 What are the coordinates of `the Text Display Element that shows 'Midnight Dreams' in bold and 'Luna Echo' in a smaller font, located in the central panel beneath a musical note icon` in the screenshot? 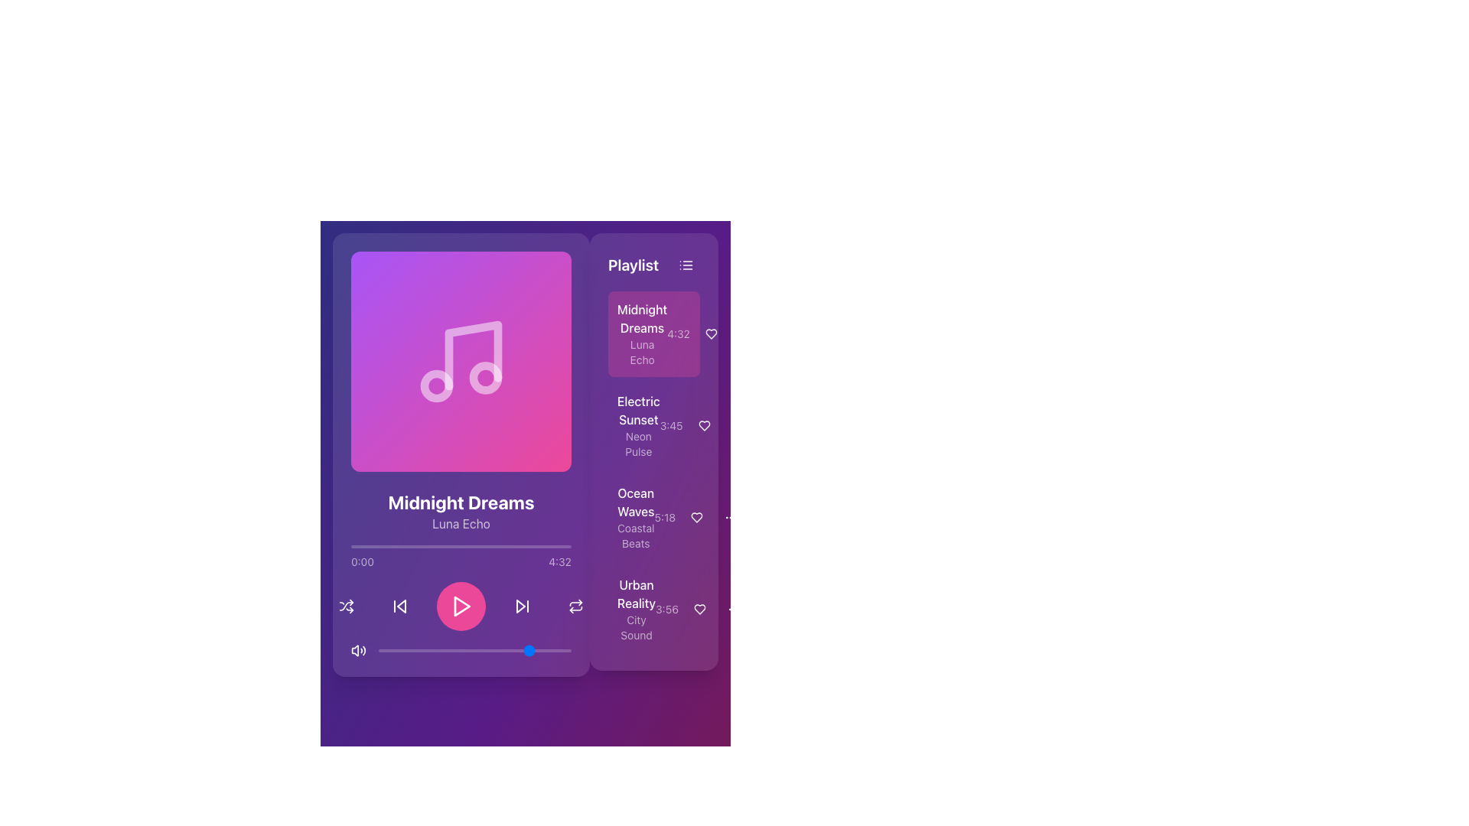 It's located at (461, 511).